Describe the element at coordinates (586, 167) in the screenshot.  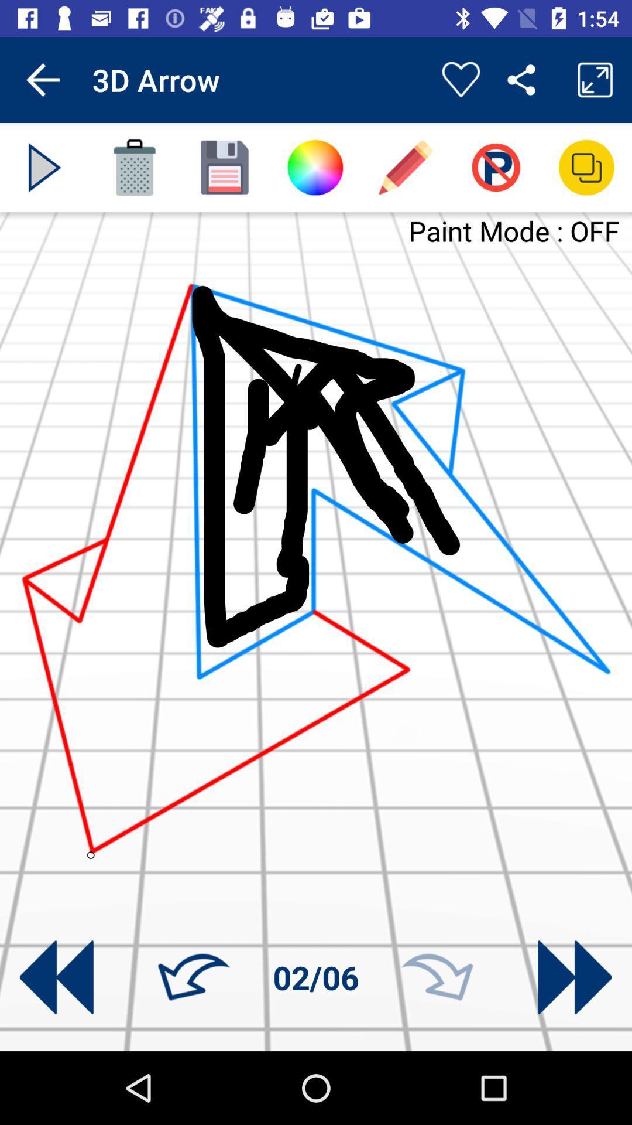
I see `copy` at that location.